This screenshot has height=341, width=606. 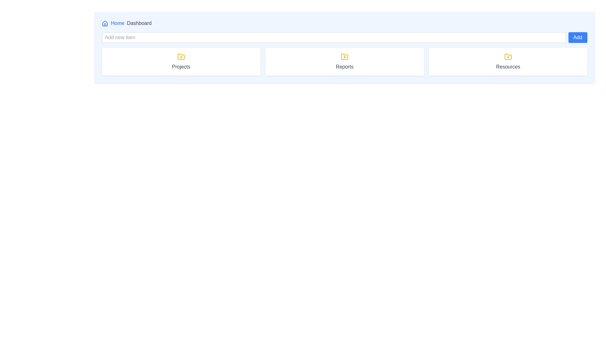 I want to click on the yellow folder icon, which is the leftmost icon in the horizontal layout labeled 'Projects,', so click(x=181, y=56).